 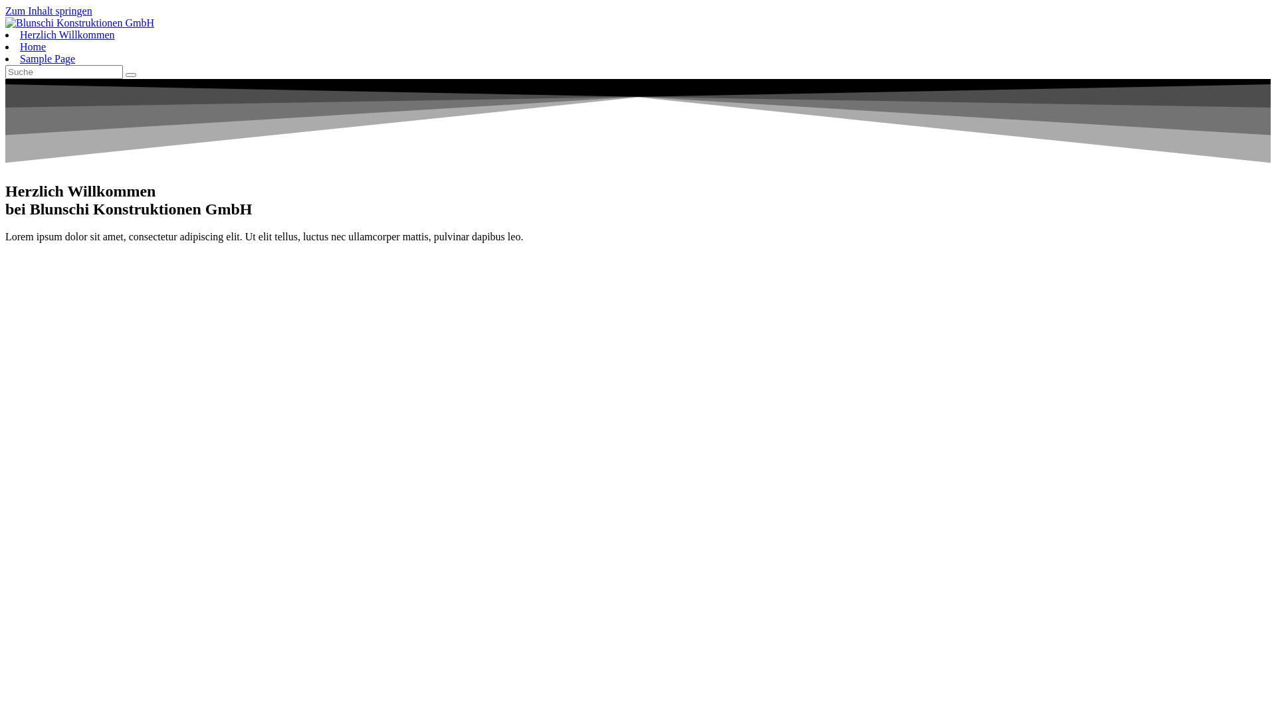 What do you see at coordinates (19, 58) in the screenshot?
I see `'Sample Page'` at bounding box center [19, 58].